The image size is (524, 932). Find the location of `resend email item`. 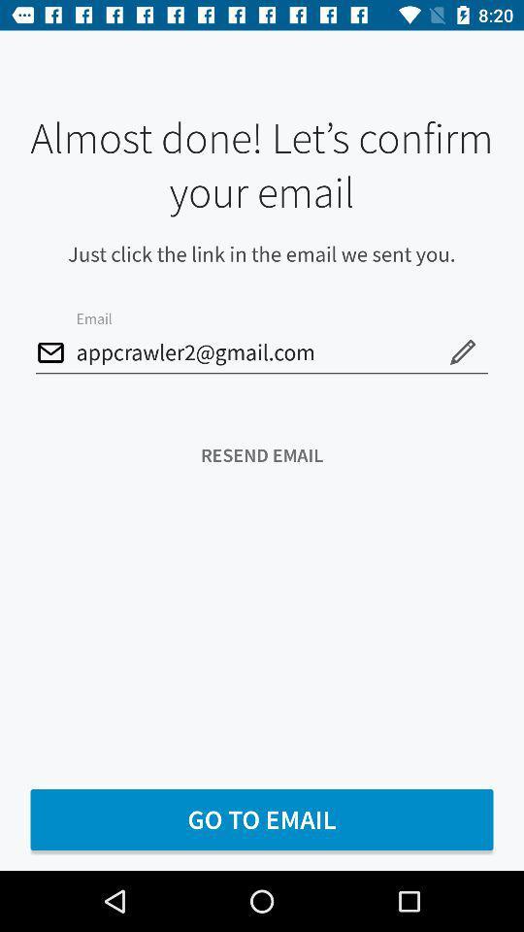

resend email item is located at coordinates (262, 455).